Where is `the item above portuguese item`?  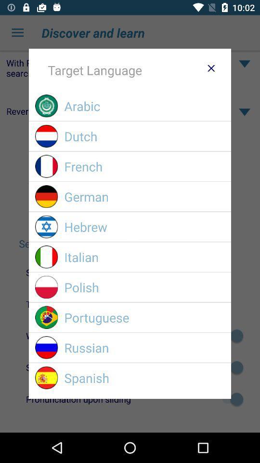
the item above portuguese item is located at coordinates (144, 287).